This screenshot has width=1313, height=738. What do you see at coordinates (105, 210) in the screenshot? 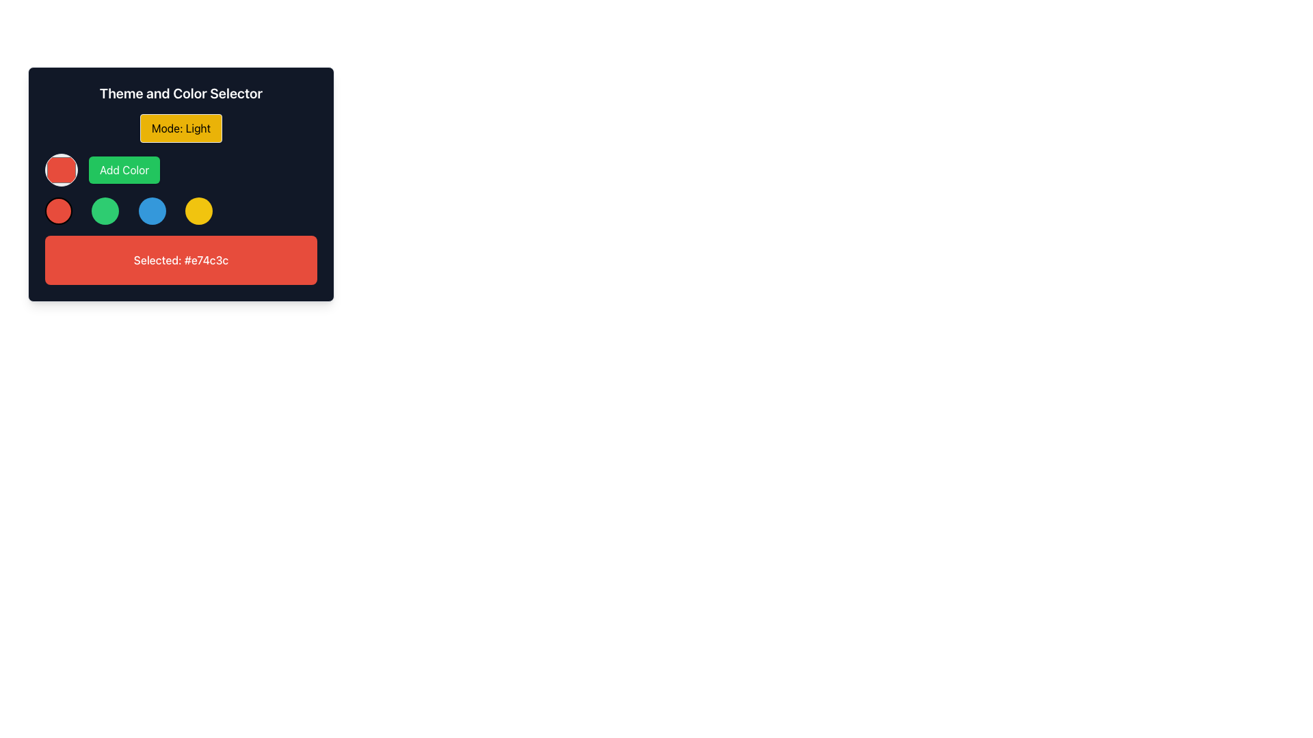
I see `the Color selector button, which is the second element in a horizontal grid` at bounding box center [105, 210].